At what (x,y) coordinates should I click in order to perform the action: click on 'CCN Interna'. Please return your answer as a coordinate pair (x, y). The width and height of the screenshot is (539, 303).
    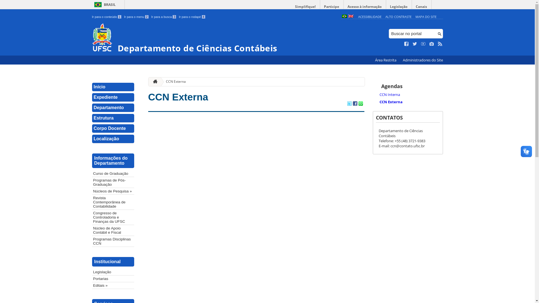
    Looking at the image, I should click on (411, 94).